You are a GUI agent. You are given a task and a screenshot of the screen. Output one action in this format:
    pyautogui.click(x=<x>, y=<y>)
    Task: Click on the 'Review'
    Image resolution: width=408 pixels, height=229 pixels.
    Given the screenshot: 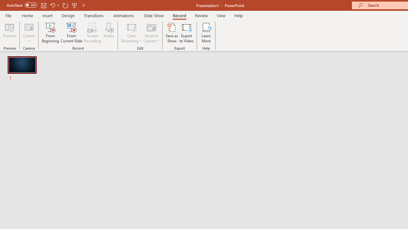 What is the action you would take?
    pyautogui.click(x=201, y=15)
    